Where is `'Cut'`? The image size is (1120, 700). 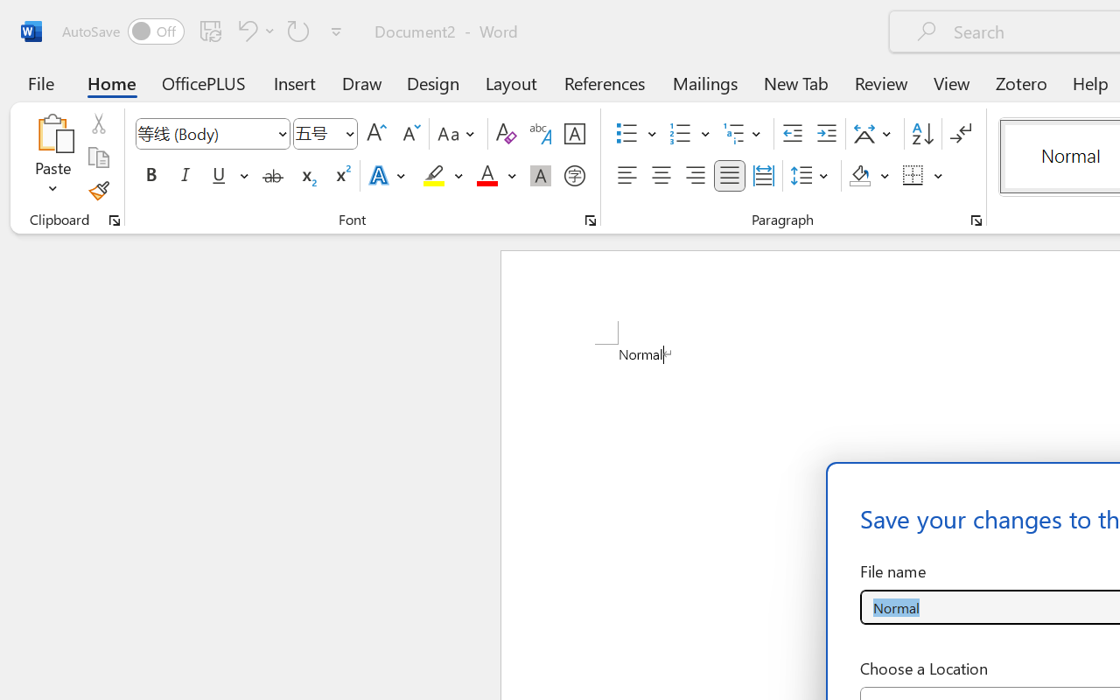 'Cut' is located at coordinates (97, 123).